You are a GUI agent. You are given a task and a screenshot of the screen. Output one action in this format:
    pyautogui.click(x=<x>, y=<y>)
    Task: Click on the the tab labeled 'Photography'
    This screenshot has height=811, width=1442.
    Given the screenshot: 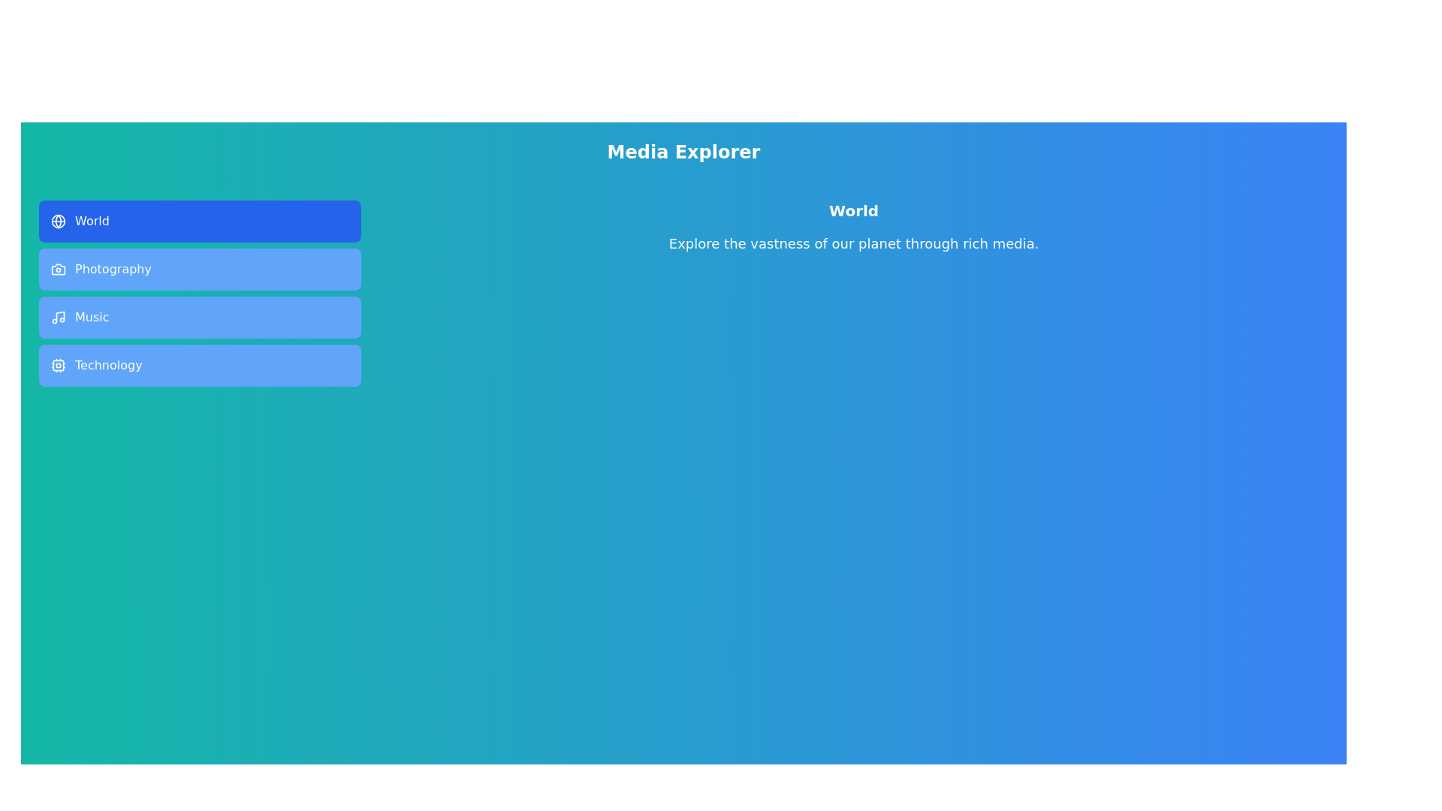 What is the action you would take?
    pyautogui.click(x=199, y=268)
    